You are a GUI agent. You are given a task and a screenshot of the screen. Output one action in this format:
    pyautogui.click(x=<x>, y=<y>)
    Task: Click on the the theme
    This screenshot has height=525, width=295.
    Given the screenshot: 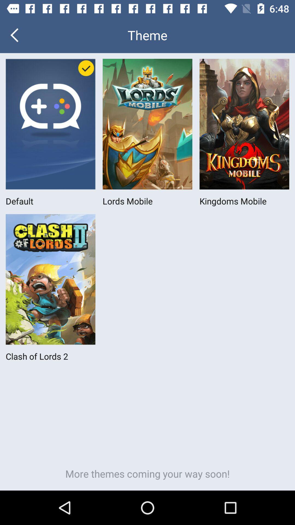 What is the action you would take?
    pyautogui.click(x=147, y=35)
    